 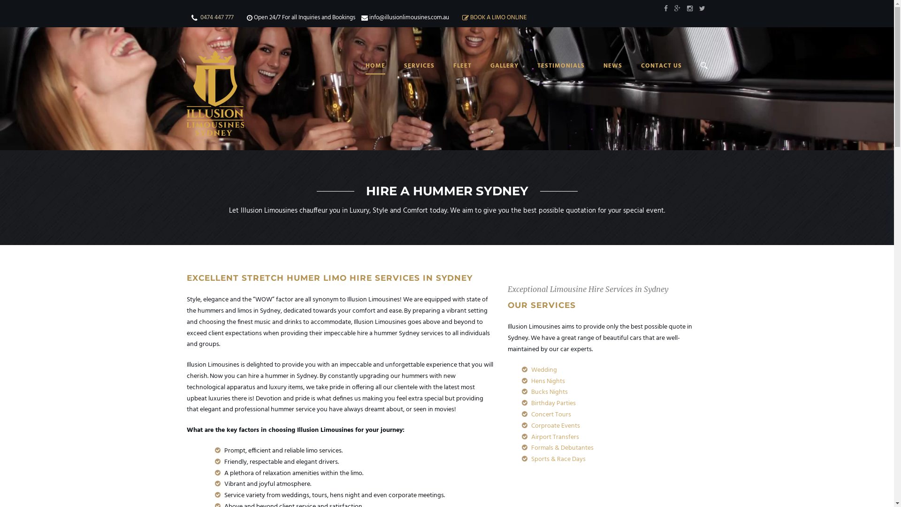 What do you see at coordinates (603, 76) in the screenshot?
I see `'NEWS'` at bounding box center [603, 76].